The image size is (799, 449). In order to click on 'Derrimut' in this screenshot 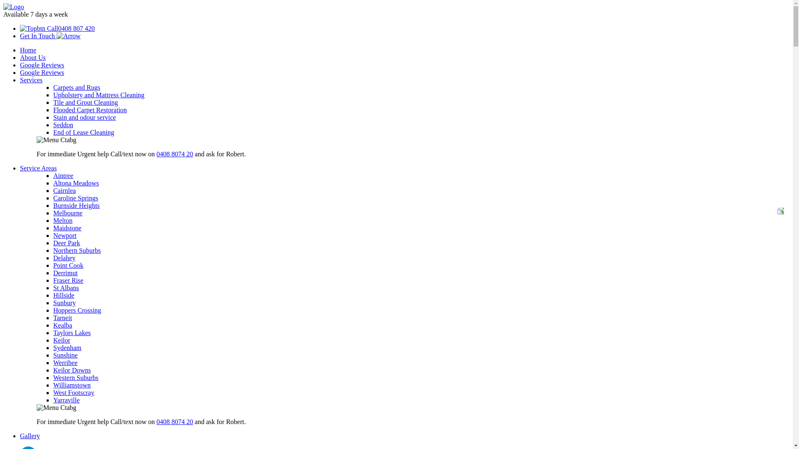, I will do `click(65, 273)`.